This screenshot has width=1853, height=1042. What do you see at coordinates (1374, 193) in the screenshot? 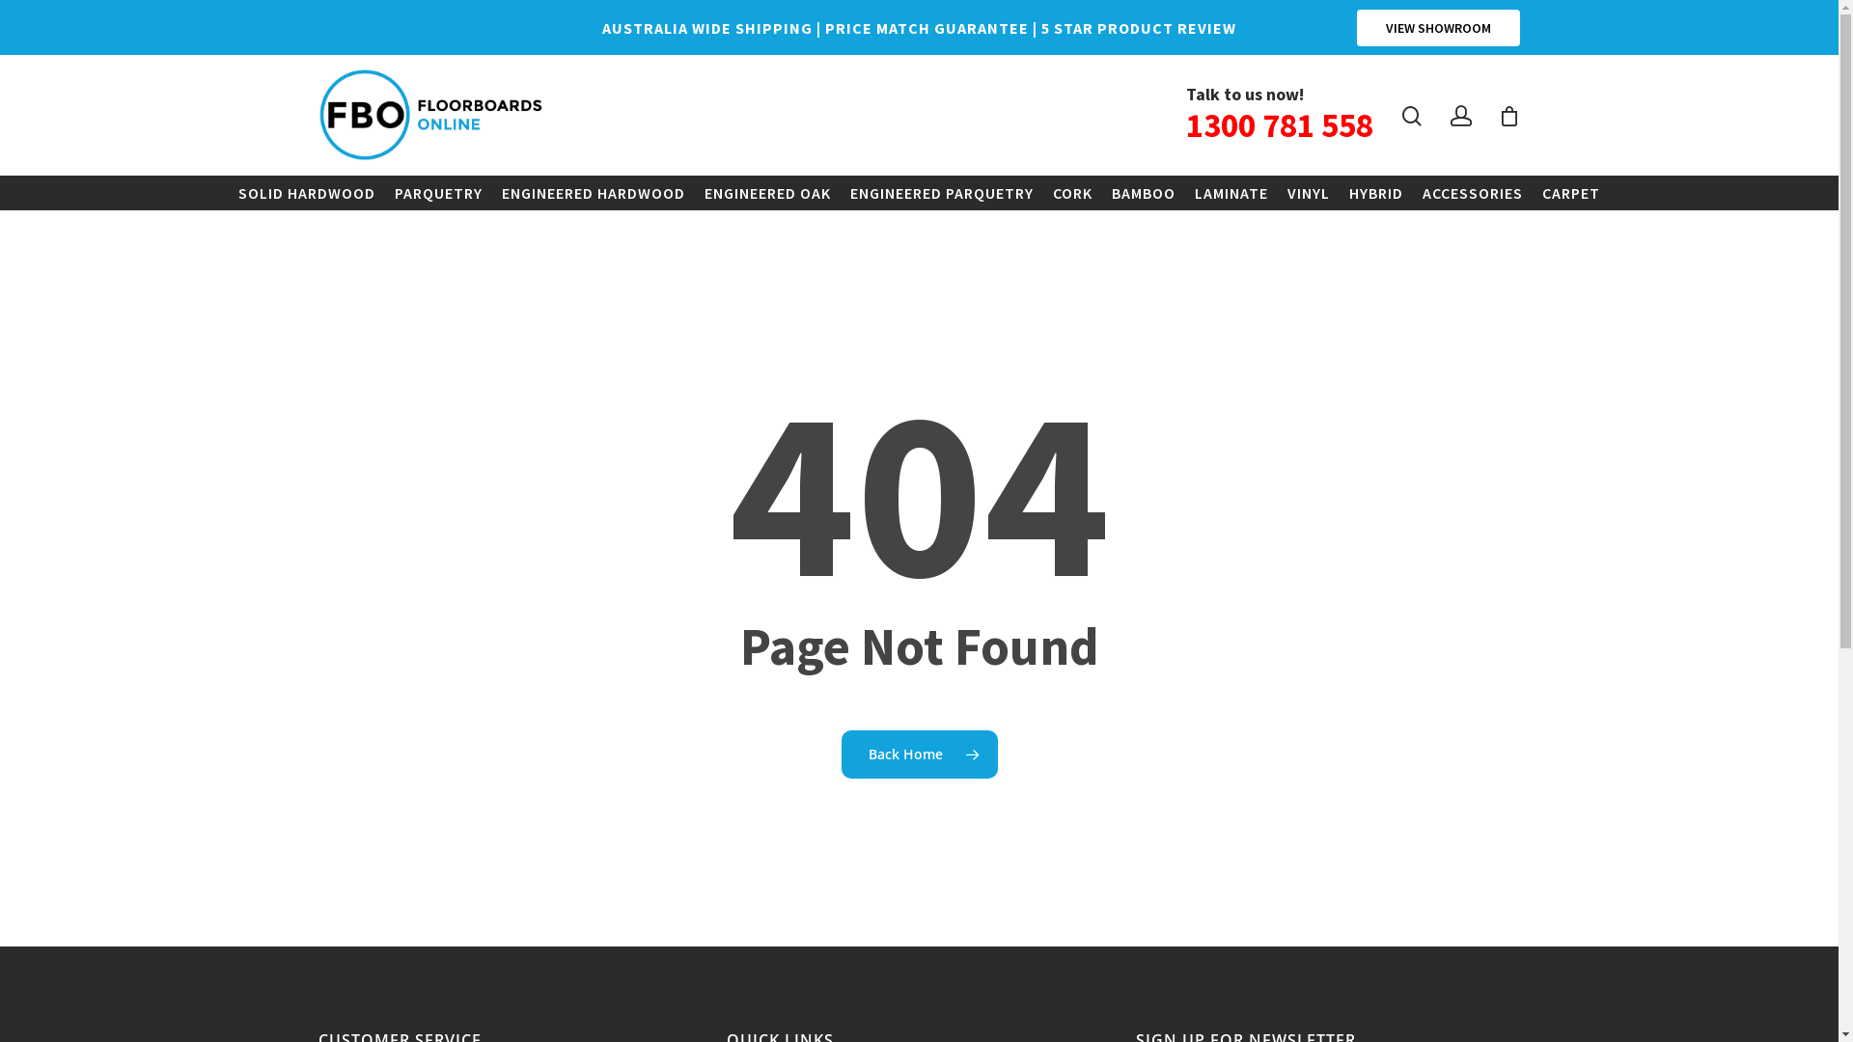
I see `'HYBRID'` at bounding box center [1374, 193].